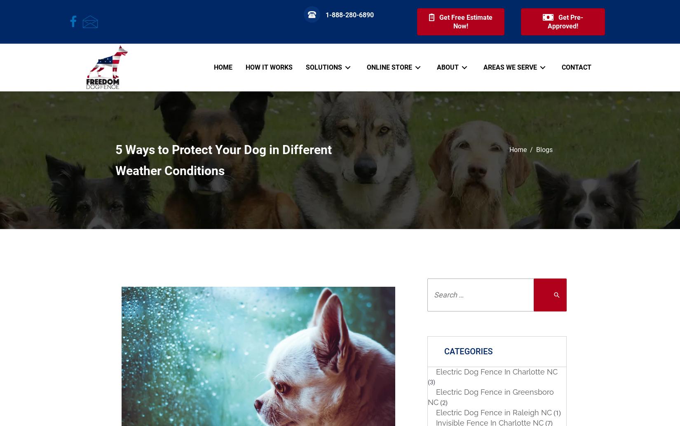 Image resolution: width=680 pixels, height=426 pixels. I want to click on 'CATEGORIES', so click(468, 351).